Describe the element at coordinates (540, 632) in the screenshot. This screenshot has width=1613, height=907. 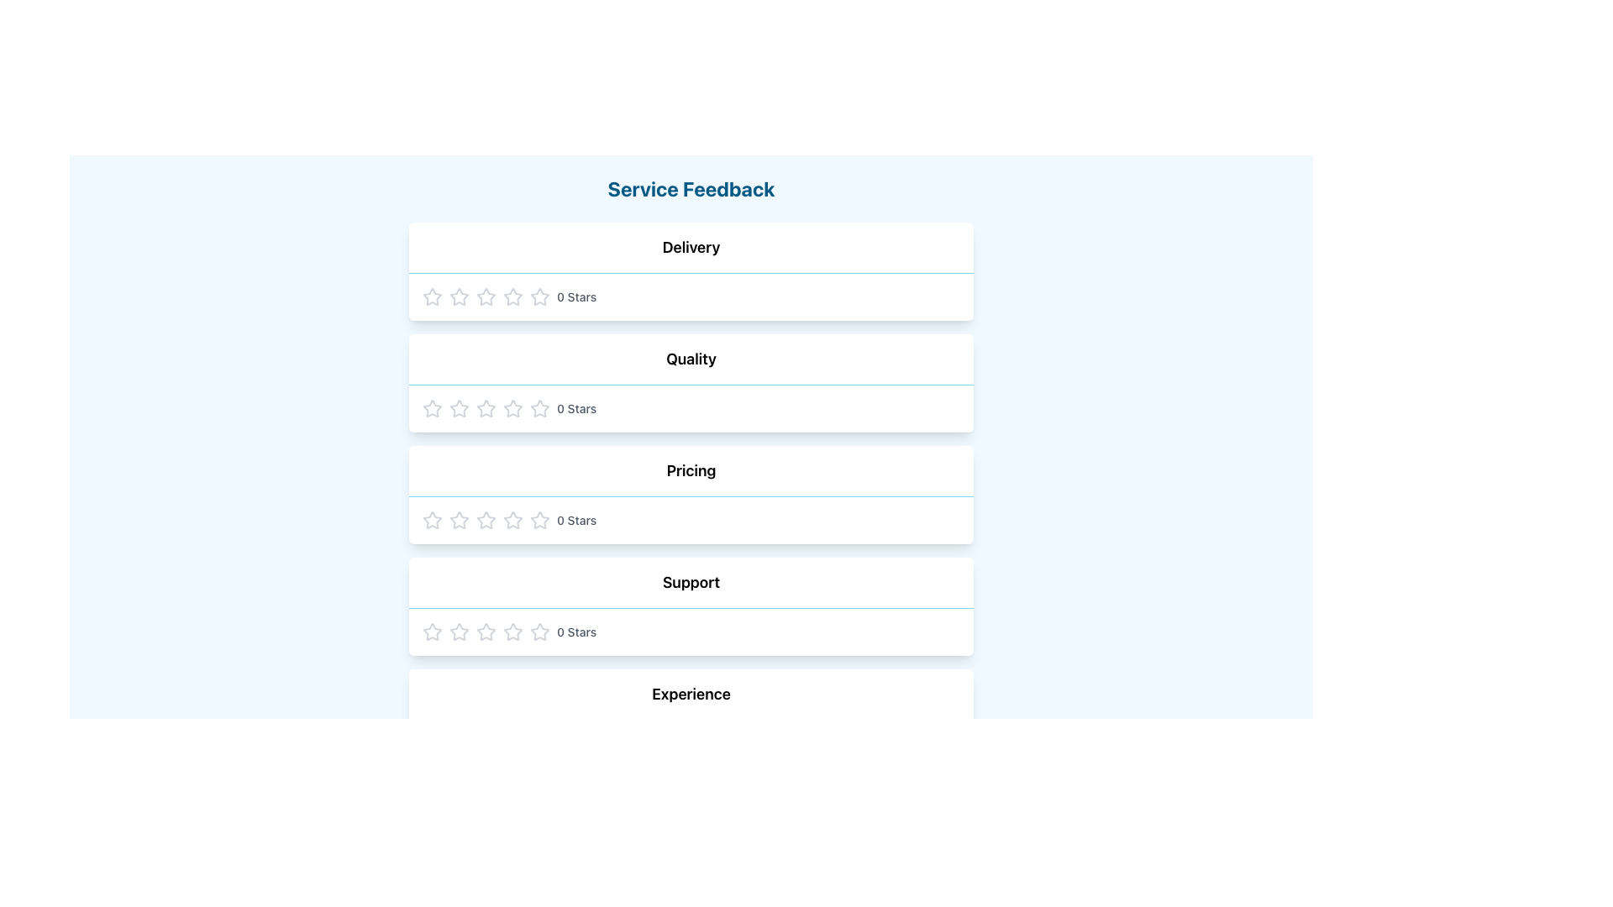
I see `the second star icon in the 'Support' feedback row` at that location.